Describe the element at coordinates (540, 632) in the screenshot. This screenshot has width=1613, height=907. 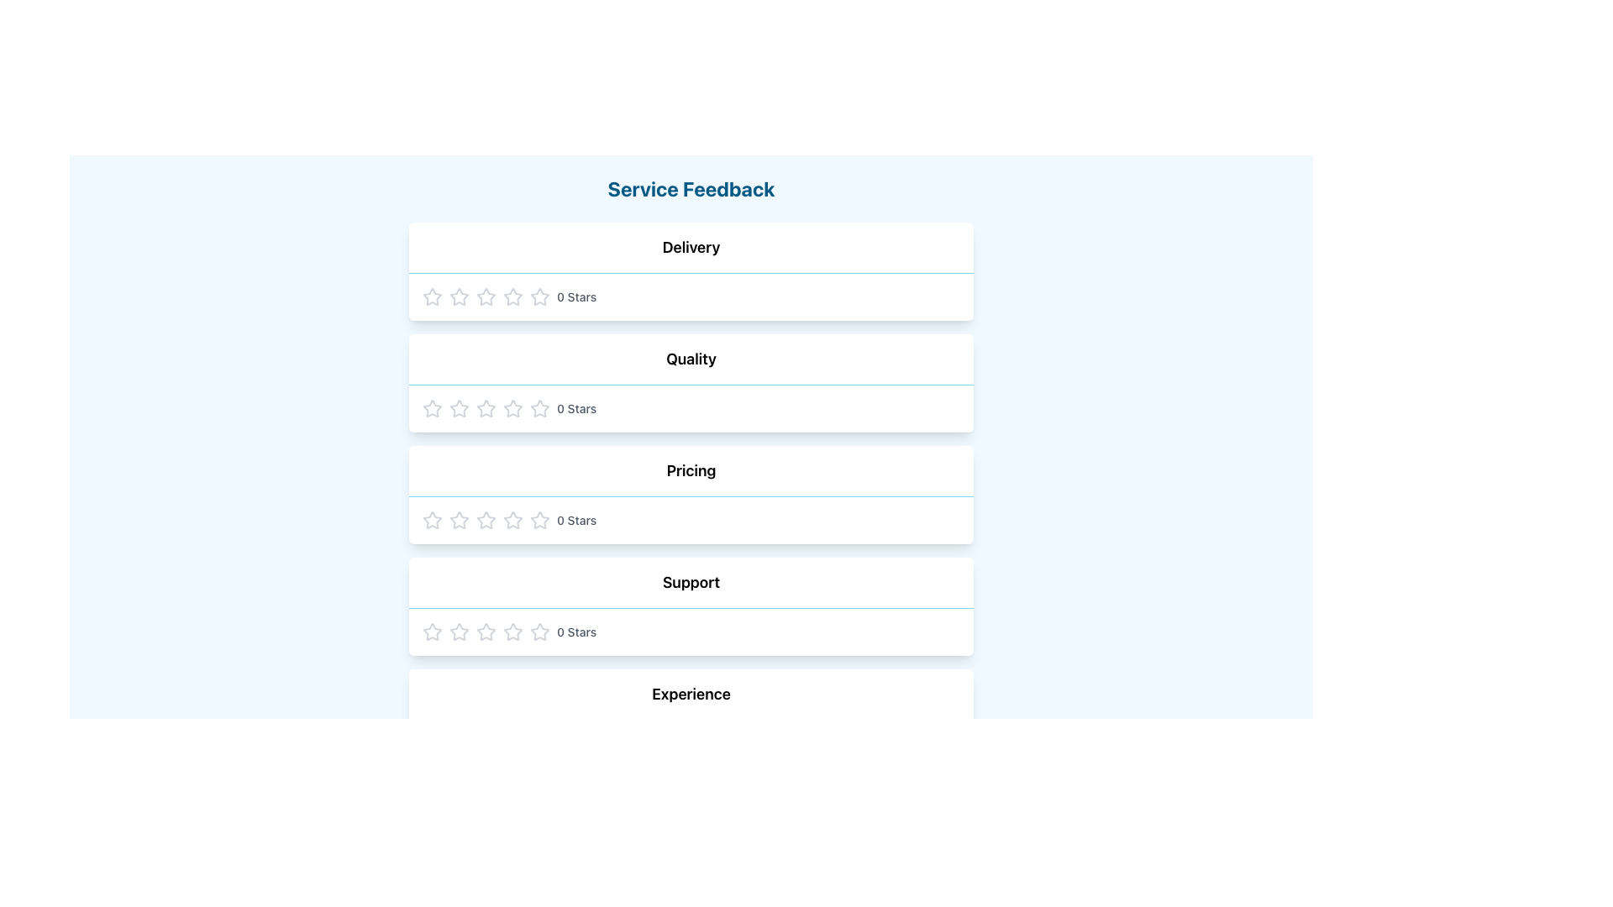
I see `the second star icon in the 'Support' feedback row` at that location.